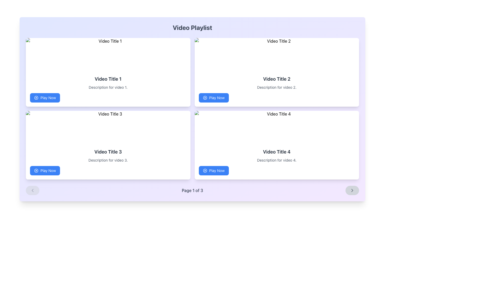 The width and height of the screenshot is (501, 281). Describe the element at coordinates (108, 54) in the screenshot. I see `the image labeled 'Video 1' at the top of the card to possibly see a tooltip` at that location.